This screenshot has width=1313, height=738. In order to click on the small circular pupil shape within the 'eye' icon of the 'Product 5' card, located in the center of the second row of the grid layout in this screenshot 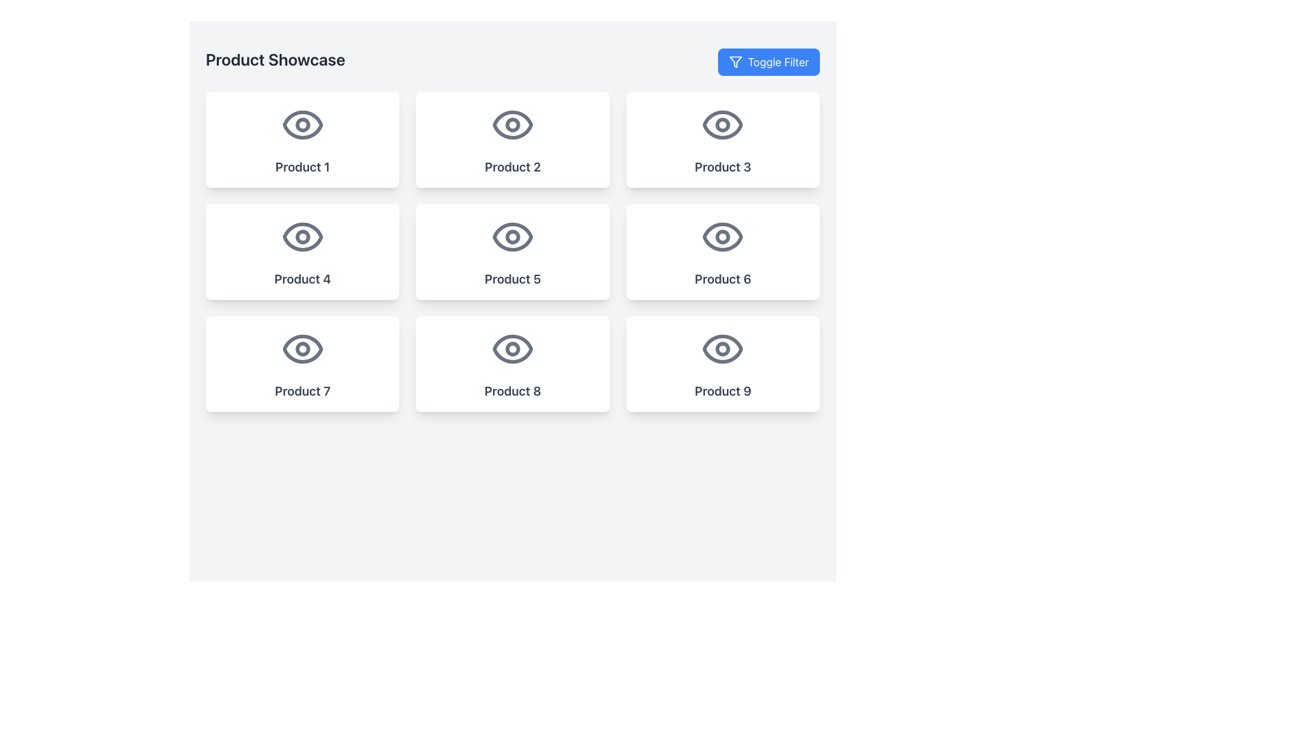, I will do `click(512, 236)`.